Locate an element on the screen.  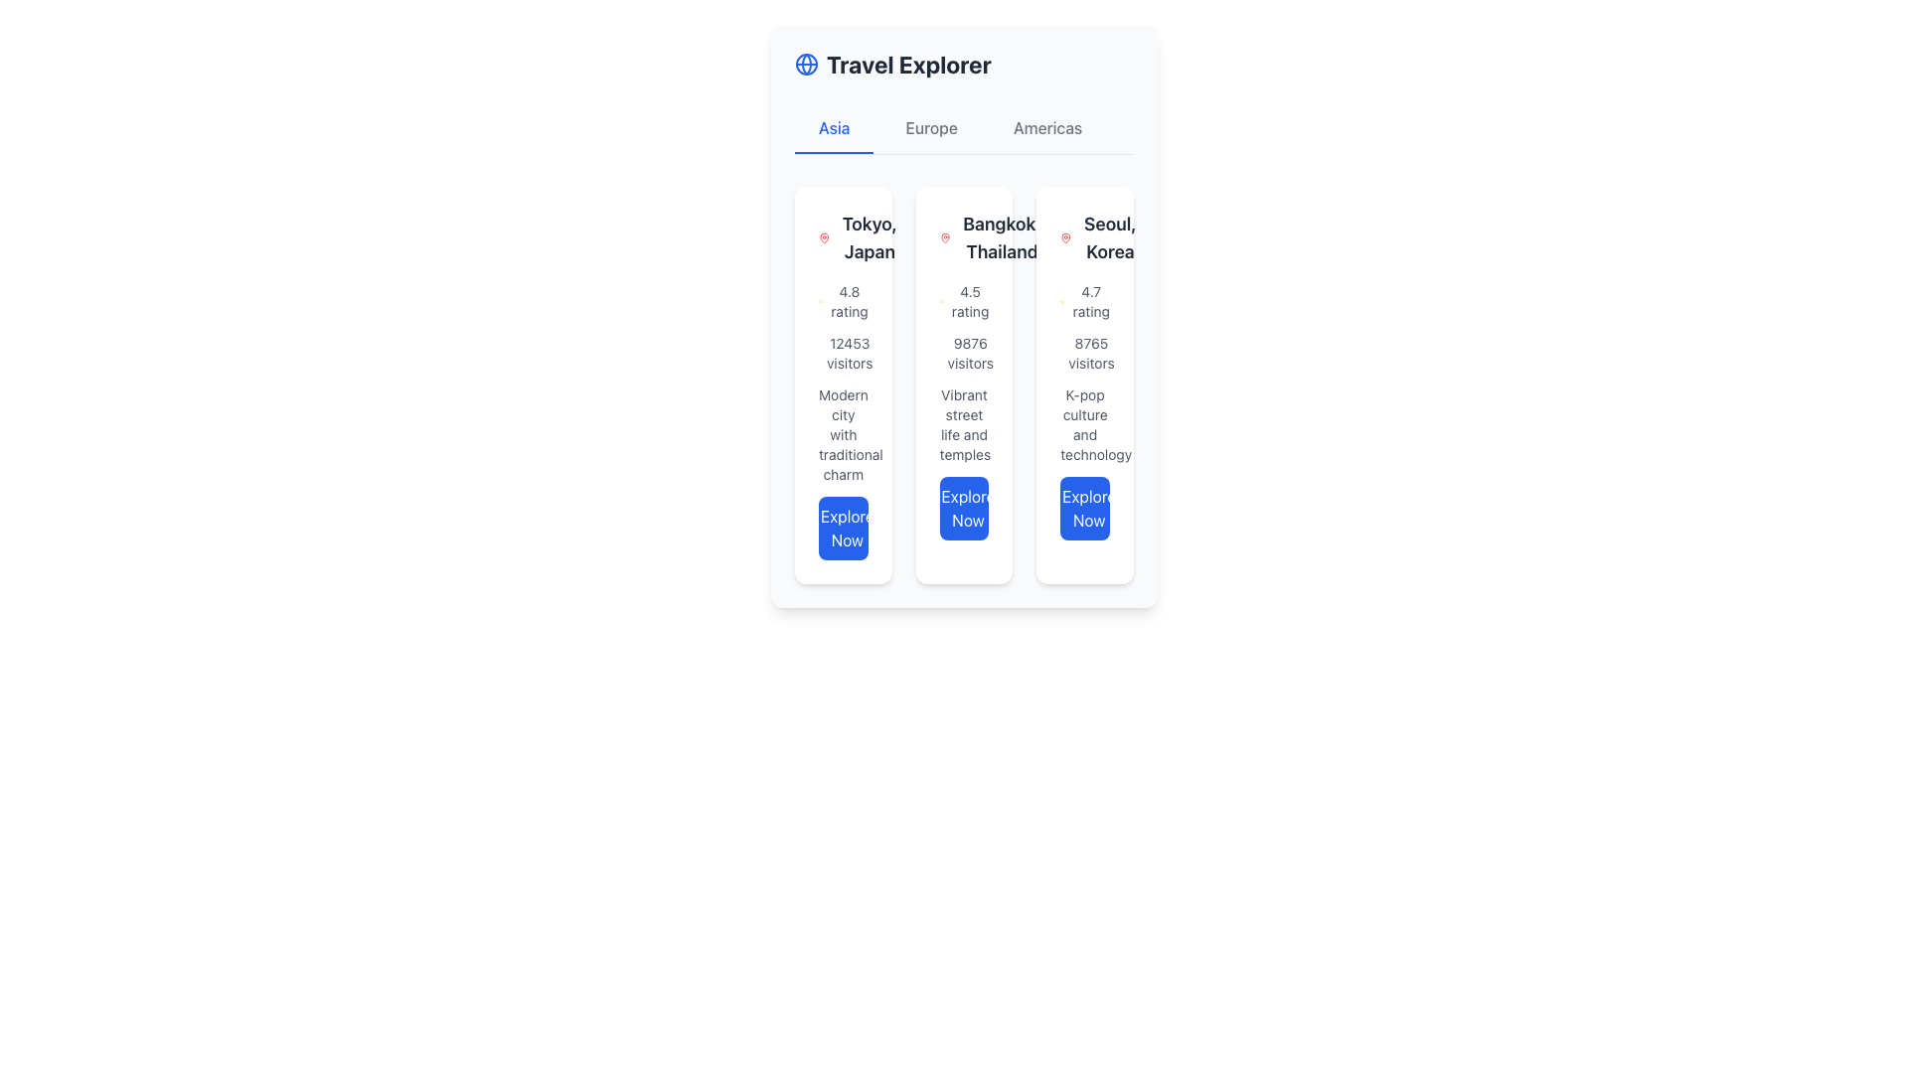
the text label '4.7 rating' which is located in the third card under the 'Asia' tab in the 'Travel Explorer' section, styled in gray and next to a star icon is located at coordinates (1090, 302).